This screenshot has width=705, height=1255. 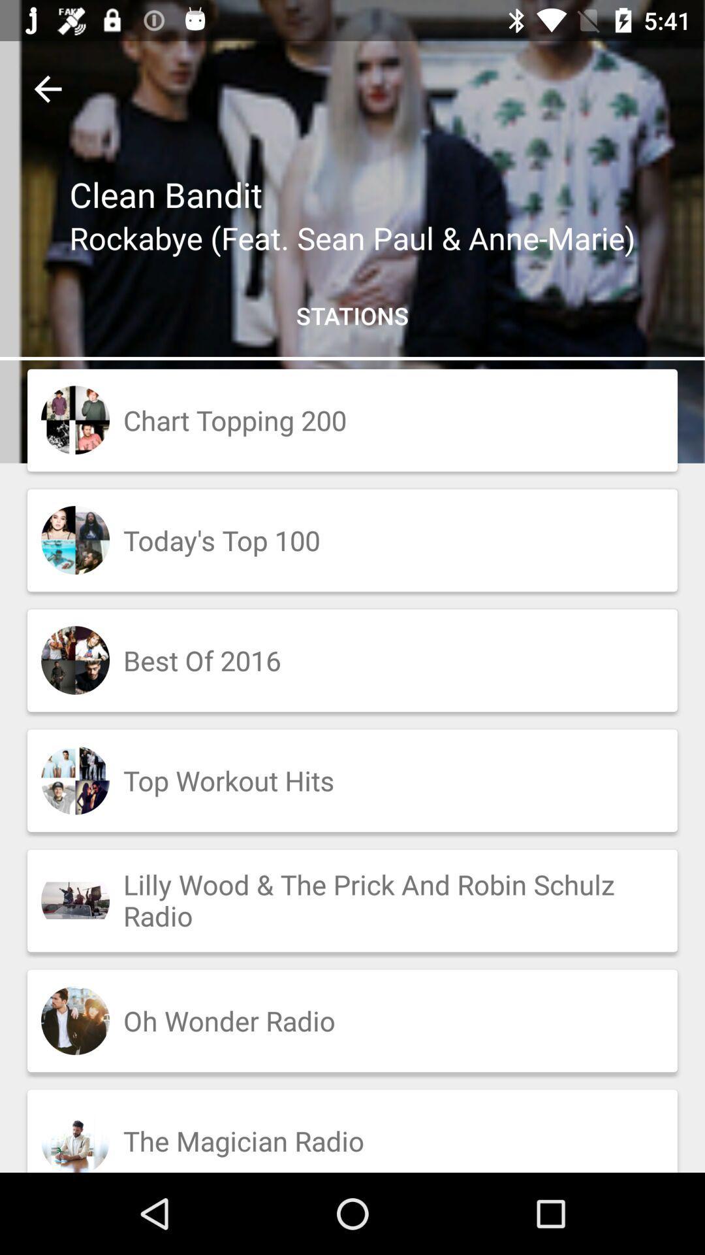 What do you see at coordinates (75, 660) in the screenshot?
I see `the image which is to the left side of the best of 2016` at bounding box center [75, 660].